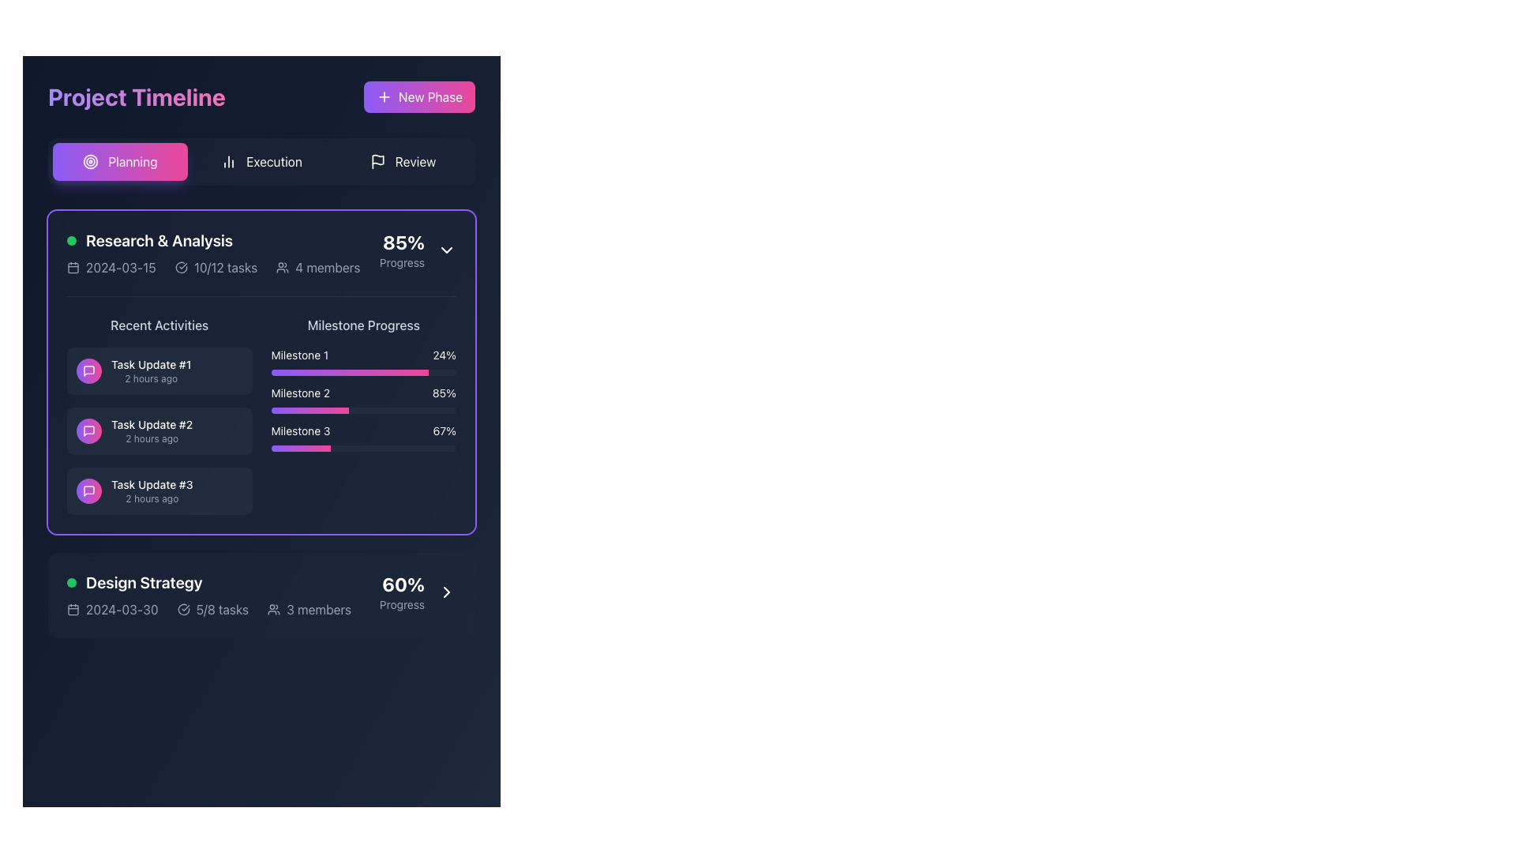 This screenshot has width=1516, height=853. What do you see at coordinates (208, 608) in the screenshot?
I see `informational text and icons displayed in the horizontal alignment at the bottom of the 'Design Strategy' card, which includes a date, task completion ratio with a check icon, and the number of members with a person icon` at bounding box center [208, 608].